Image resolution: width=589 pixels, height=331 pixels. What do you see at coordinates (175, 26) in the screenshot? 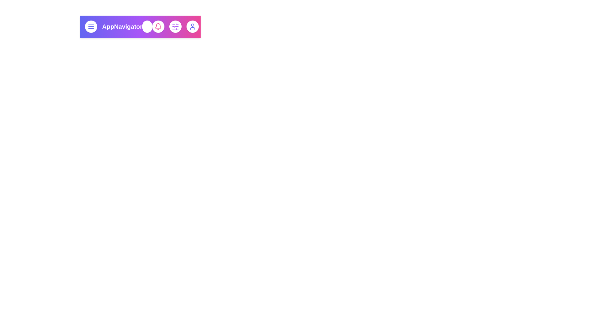
I see `the sliders icon to open the settings menu` at bounding box center [175, 26].